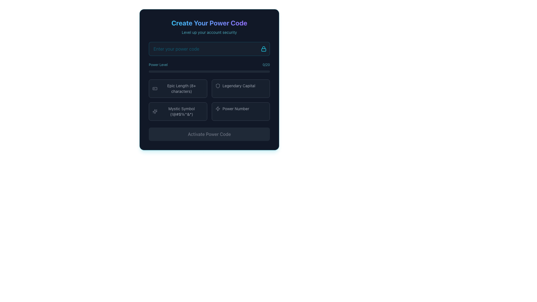 This screenshot has height=302, width=537. Describe the element at coordinates (178, 88) in the screenshot. I see `the 'Epic Length (8+ characters)' label-with-icon, which is located in the dark-themed interface and is the first item in a two-row layout of options` at that location.